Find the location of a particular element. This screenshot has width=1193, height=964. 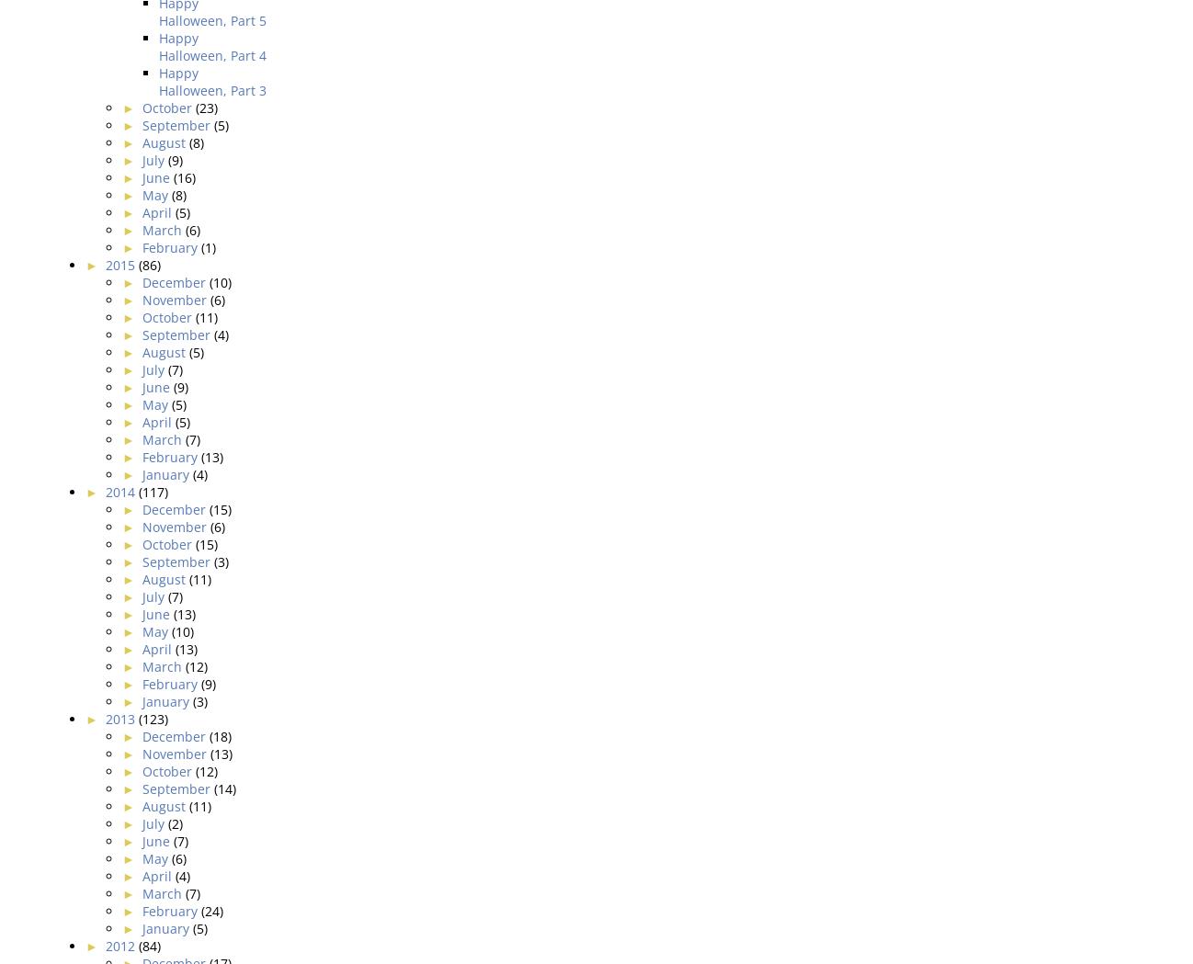

'2013' is located at coordinates (104, 718).